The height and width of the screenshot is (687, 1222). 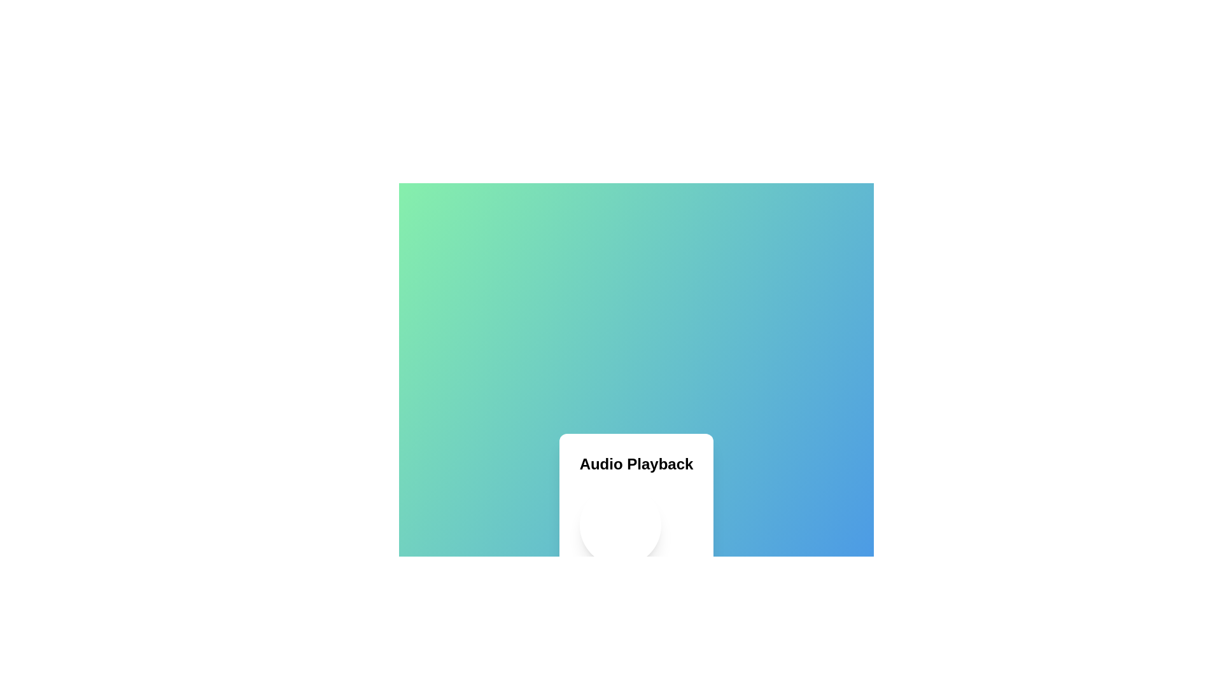 What do you see at coordinates (620, 525) in the screenshot?
I see `the playback toggle button to toggle audio playback` at bounding box center [620, 525].